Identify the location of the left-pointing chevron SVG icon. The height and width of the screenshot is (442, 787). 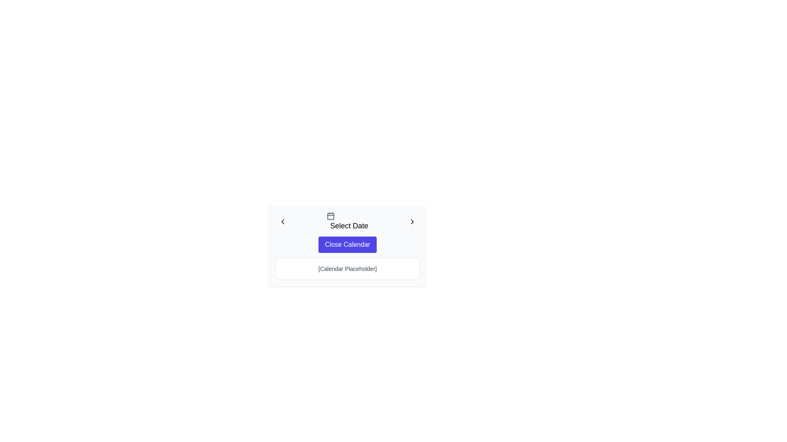
(283, 222).